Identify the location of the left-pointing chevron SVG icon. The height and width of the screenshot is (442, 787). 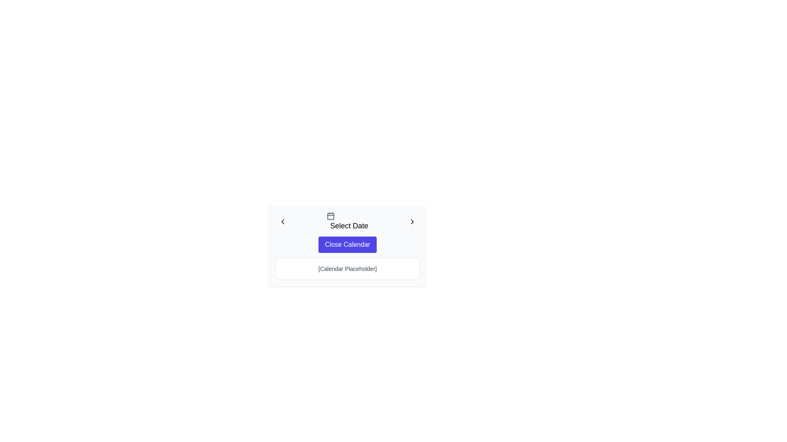
(283, 222).